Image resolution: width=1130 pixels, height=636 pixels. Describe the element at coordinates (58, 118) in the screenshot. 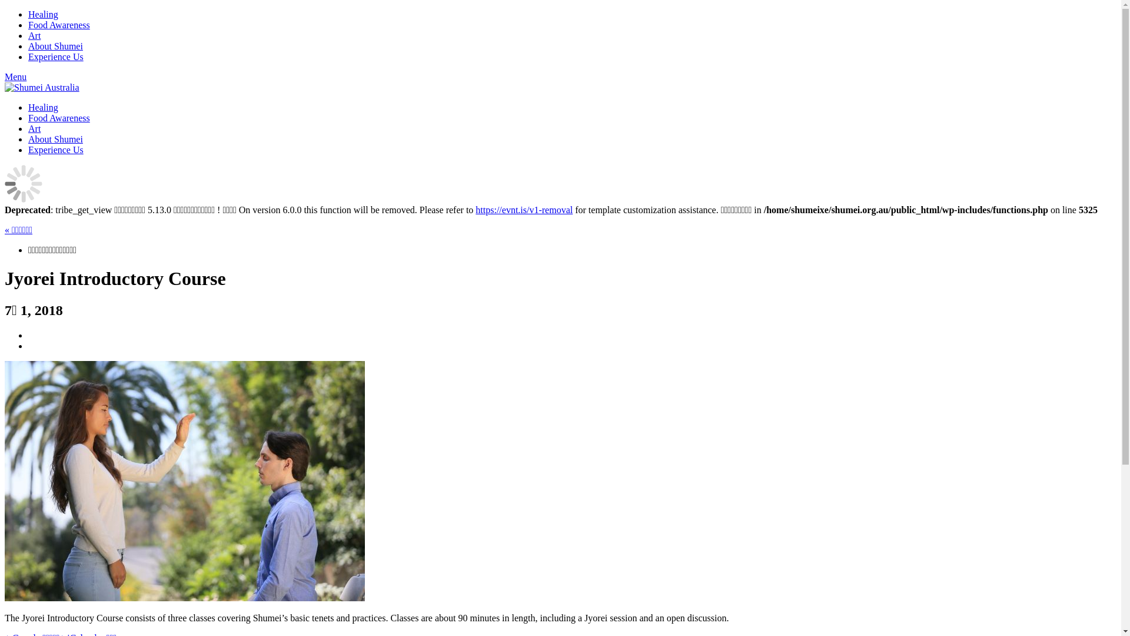

I see `'Food Awareness'` at that location.